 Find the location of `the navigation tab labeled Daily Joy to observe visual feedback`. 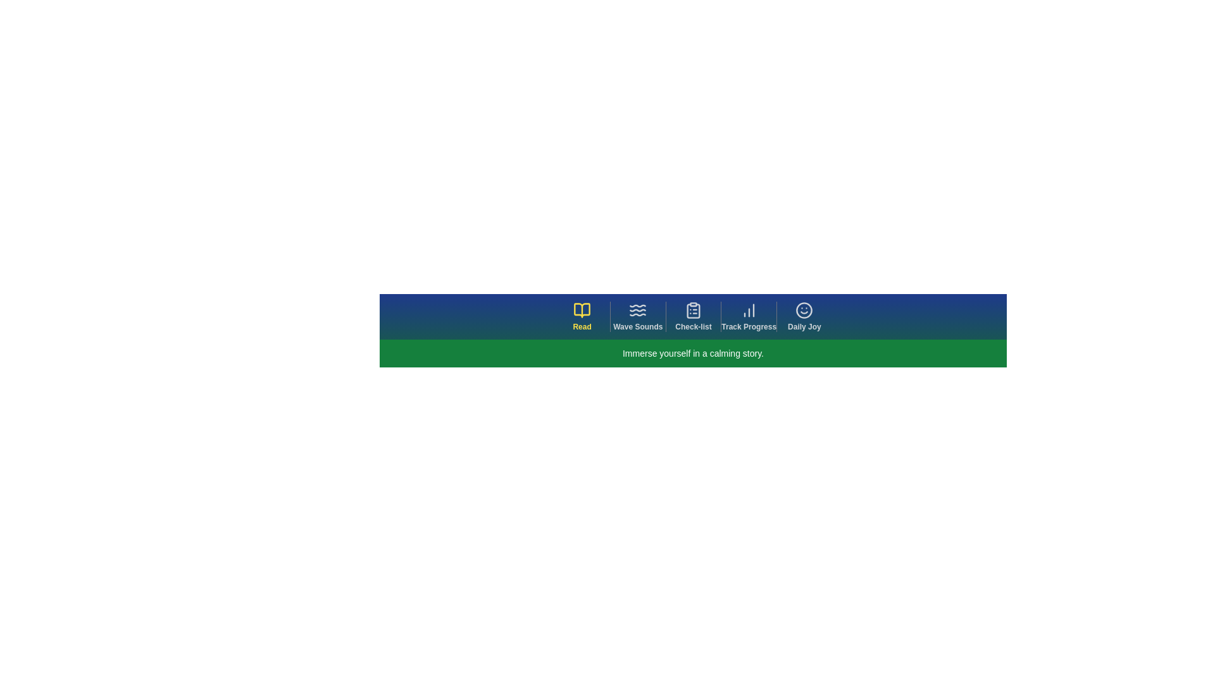

the navigation tab labeled Daily Joy to observe visual feedback is located at coordinates (804, 316).